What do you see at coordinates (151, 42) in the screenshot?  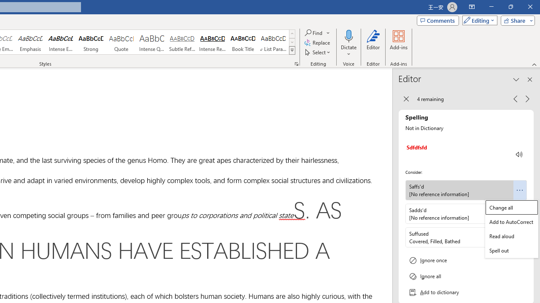 I see `'Intense Quote'` at bounding box center [151, 42].